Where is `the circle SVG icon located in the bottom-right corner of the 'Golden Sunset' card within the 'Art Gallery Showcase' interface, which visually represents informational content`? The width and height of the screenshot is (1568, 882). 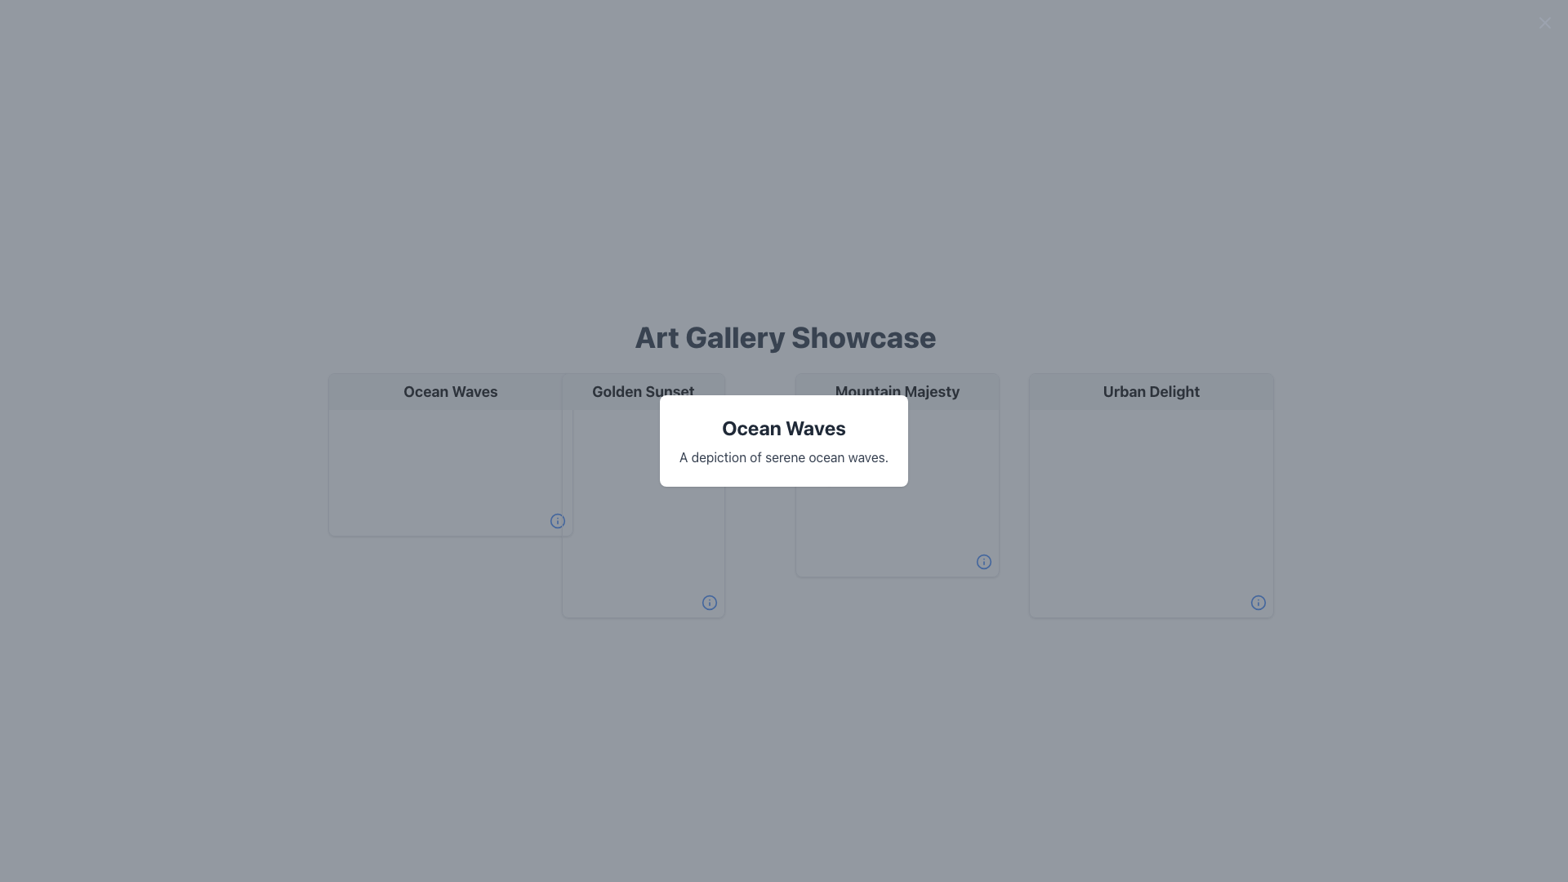
the circle SVG icon located in the bottom-right corner of the 'Golden Sunset' card within the 'Art Gallery Showcase' interface, which visually represents informational content is located at coordinates (557, 520).